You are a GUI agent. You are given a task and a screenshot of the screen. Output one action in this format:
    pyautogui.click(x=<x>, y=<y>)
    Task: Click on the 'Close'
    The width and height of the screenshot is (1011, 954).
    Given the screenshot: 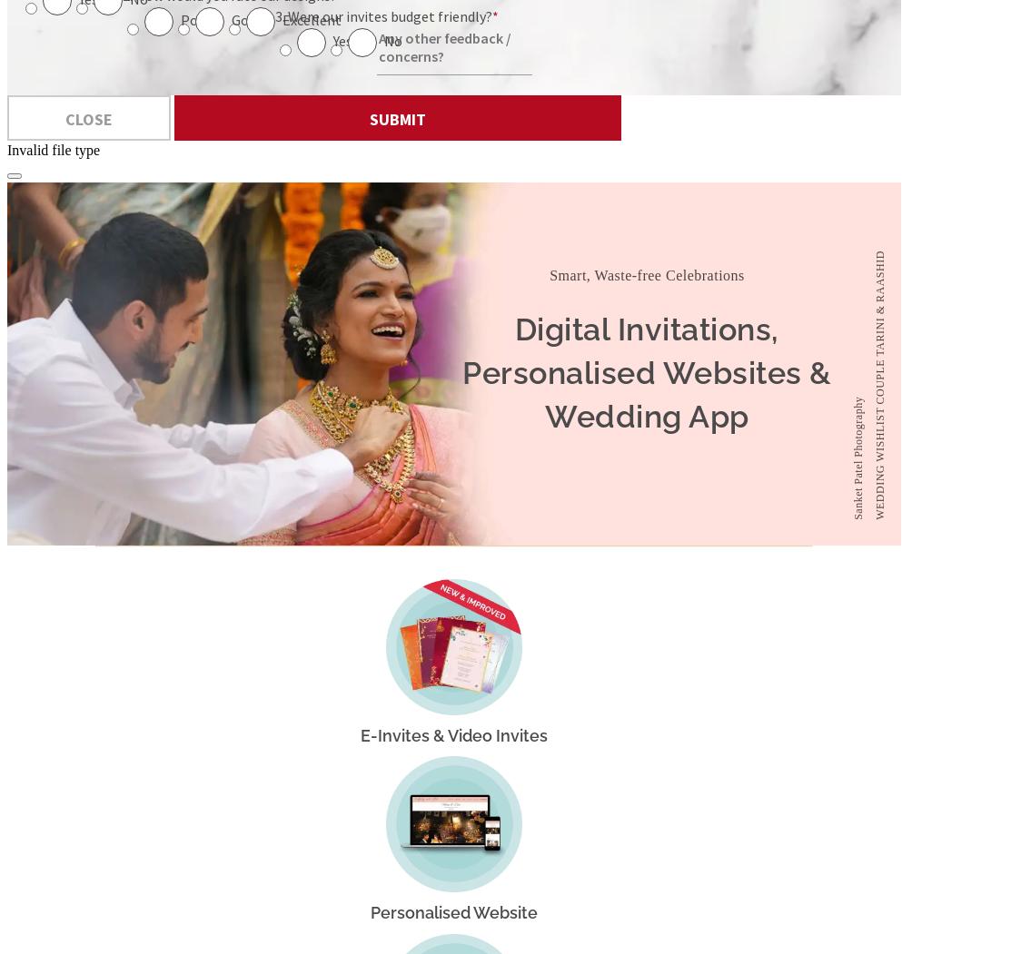 What is the action you would take?
    pyautogui.click(x=65, y=117)
    